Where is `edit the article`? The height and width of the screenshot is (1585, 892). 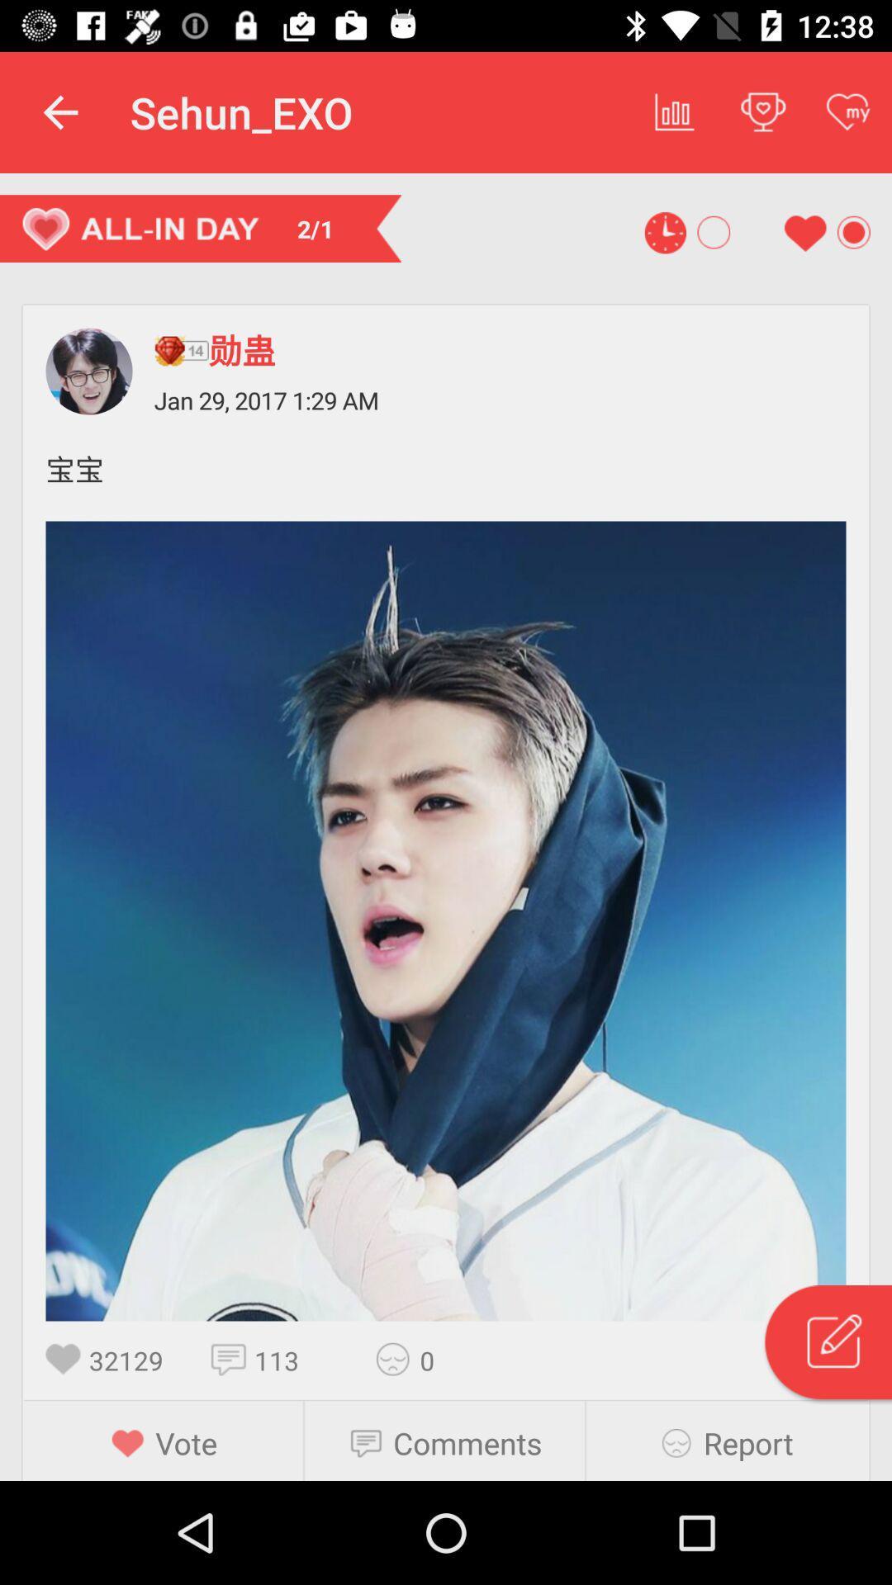 edit the article is located at coordinates (827, 1345).